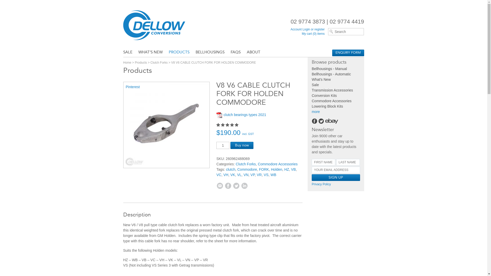  What do you see at coordinates (133, 86) in the screenshot?
I see `'Pinterest'` at bounding box center [133, 86].